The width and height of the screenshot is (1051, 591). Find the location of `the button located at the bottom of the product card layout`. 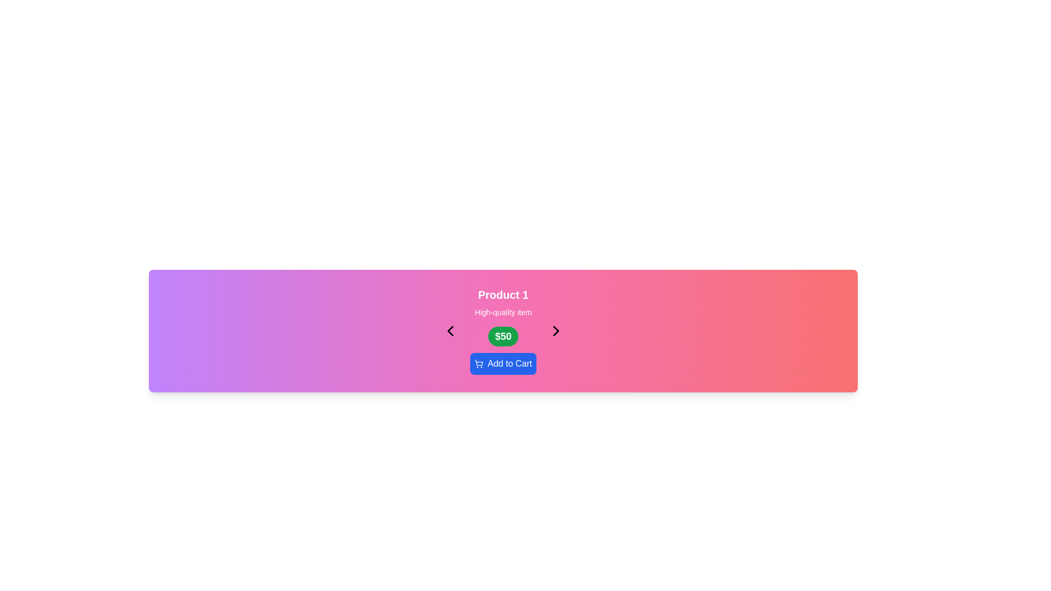

the button located at the bottom of the product card layout is located at coordinates (503, 363).